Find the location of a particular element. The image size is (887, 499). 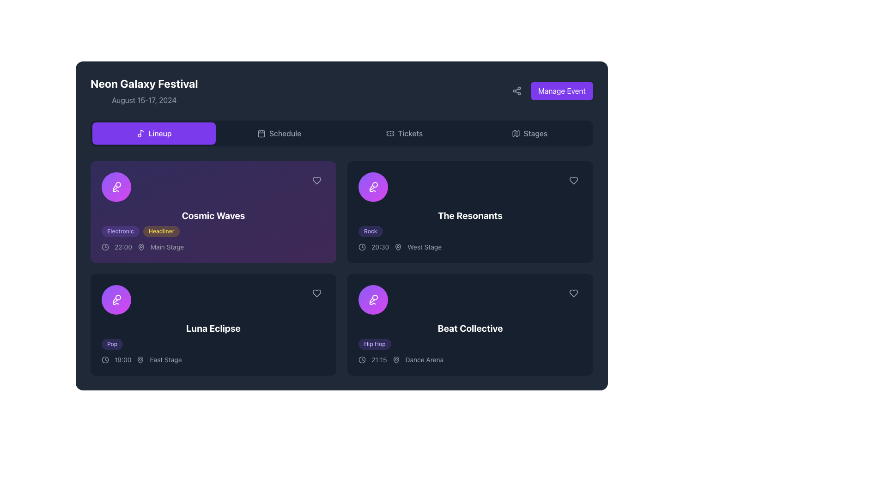

the 'Lineup' text element, which is located in the center of a purple button in the navigation bar at the top of the interface is located at coordinates (160, 134).